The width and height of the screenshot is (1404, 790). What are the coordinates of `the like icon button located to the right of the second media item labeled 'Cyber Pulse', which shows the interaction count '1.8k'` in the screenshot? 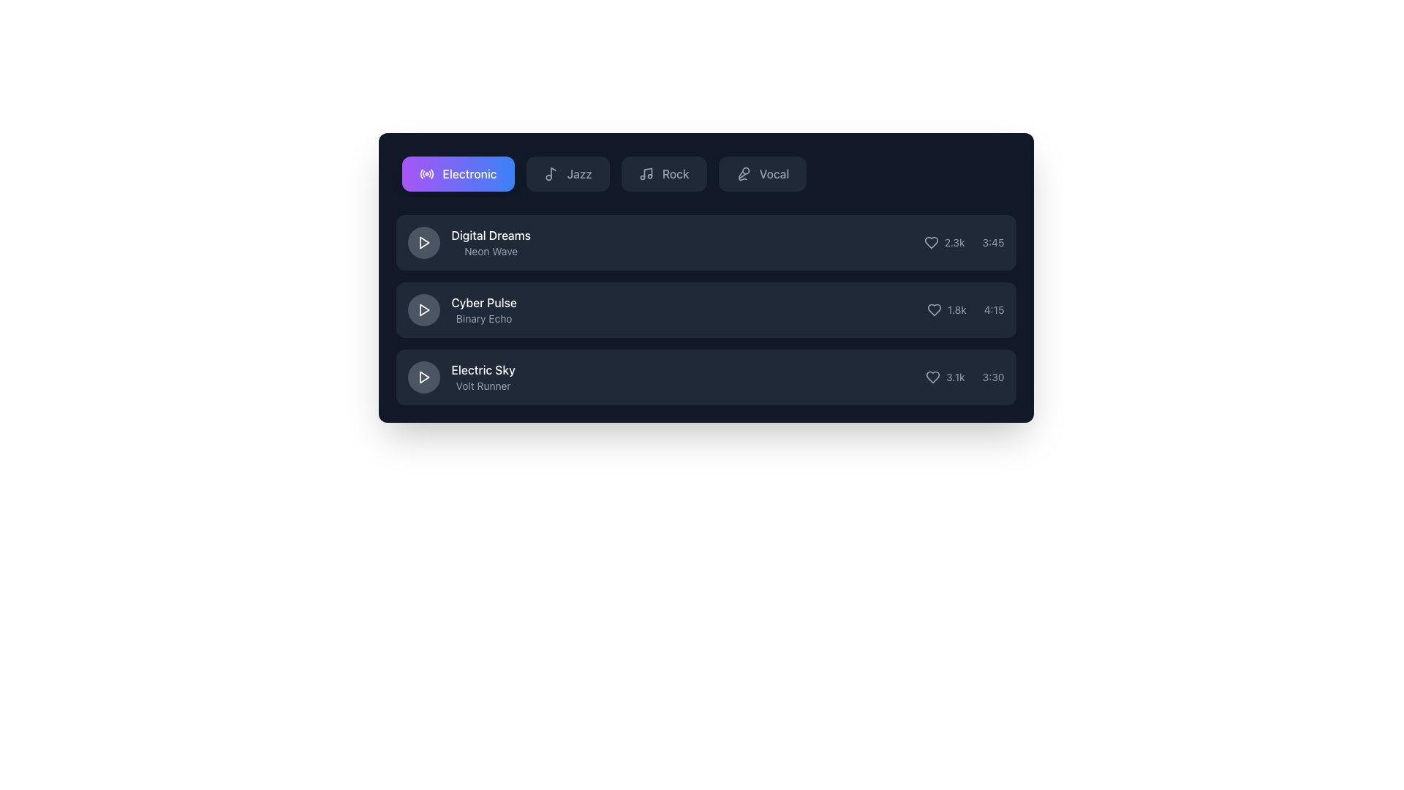 It's located at (933, 309).